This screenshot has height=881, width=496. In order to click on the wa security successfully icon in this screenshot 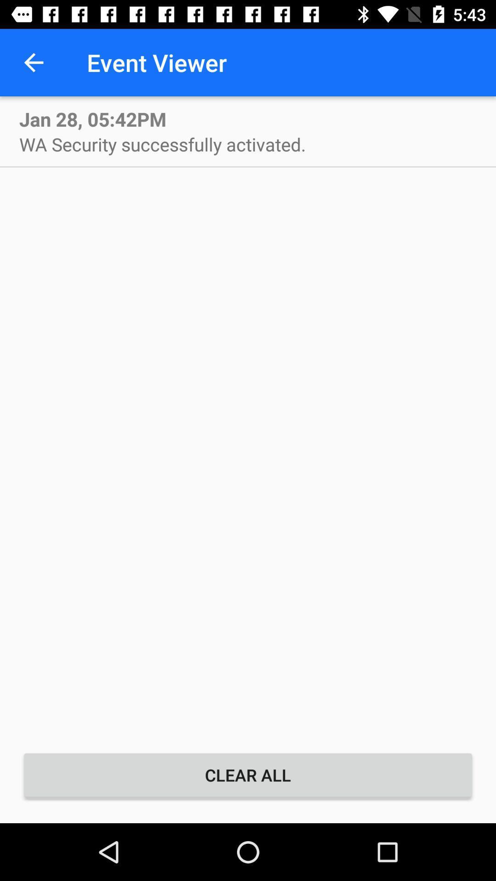, I will do `click(162, 144)`.